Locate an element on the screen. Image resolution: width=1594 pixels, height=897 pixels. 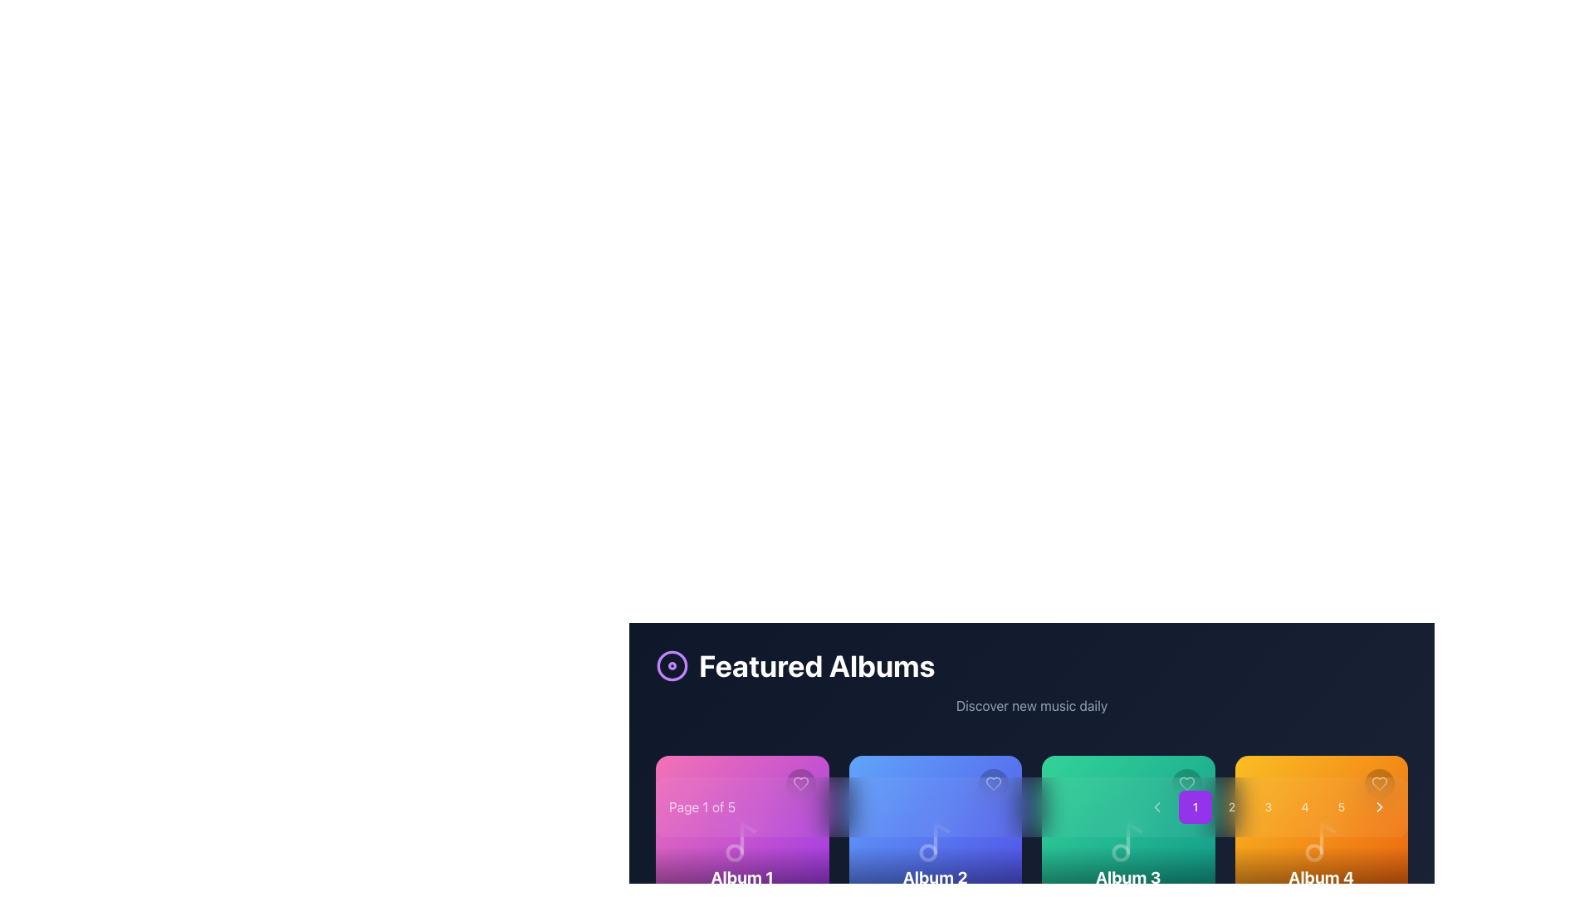
the heart icon with a hollow appearance outlined in white, located in the top-right corner of the 'Album 2' card to indicate a favorite or like action is located at coordinates (993, 784).